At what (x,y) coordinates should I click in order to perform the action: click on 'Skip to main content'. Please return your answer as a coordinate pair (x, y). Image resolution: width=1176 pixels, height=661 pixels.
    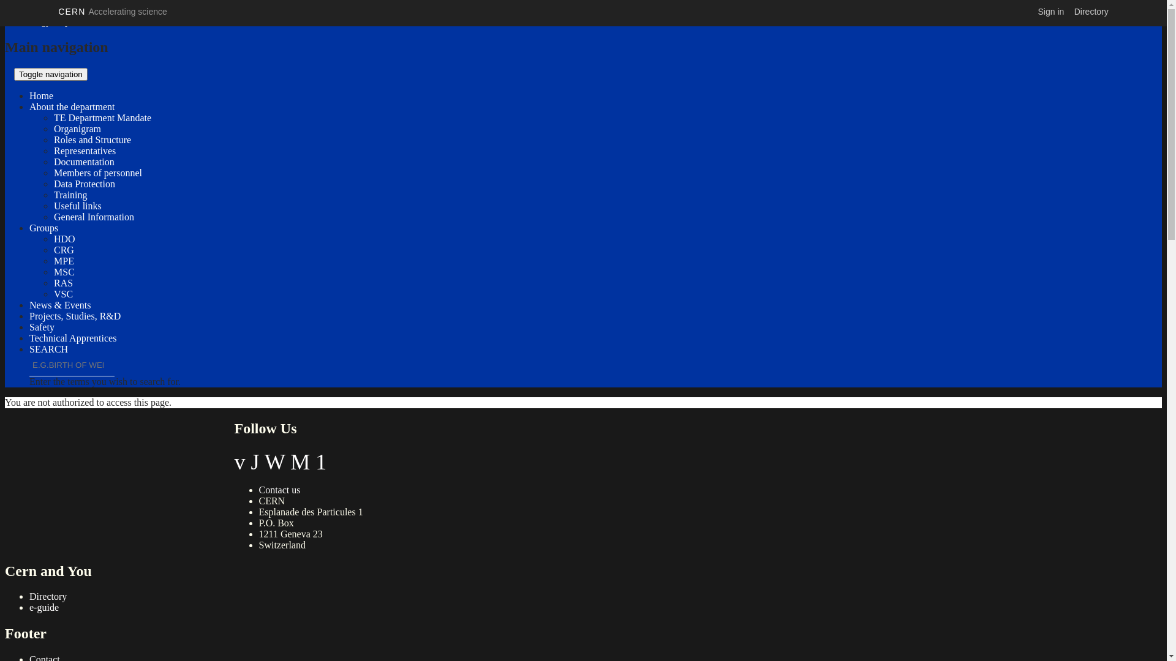
    Looking at the image, I should click on (45, 10).